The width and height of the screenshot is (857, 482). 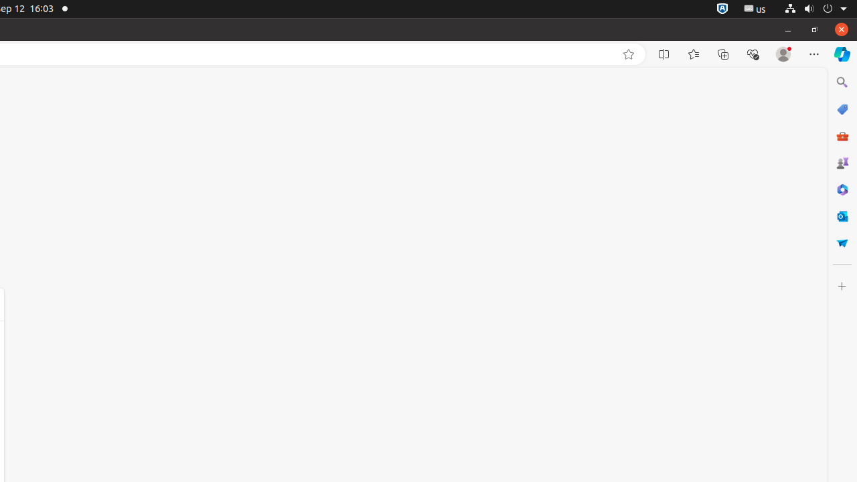 I want to click on 'Add this page to favorites (Ctrl+D)', so click(x=628, y=54).